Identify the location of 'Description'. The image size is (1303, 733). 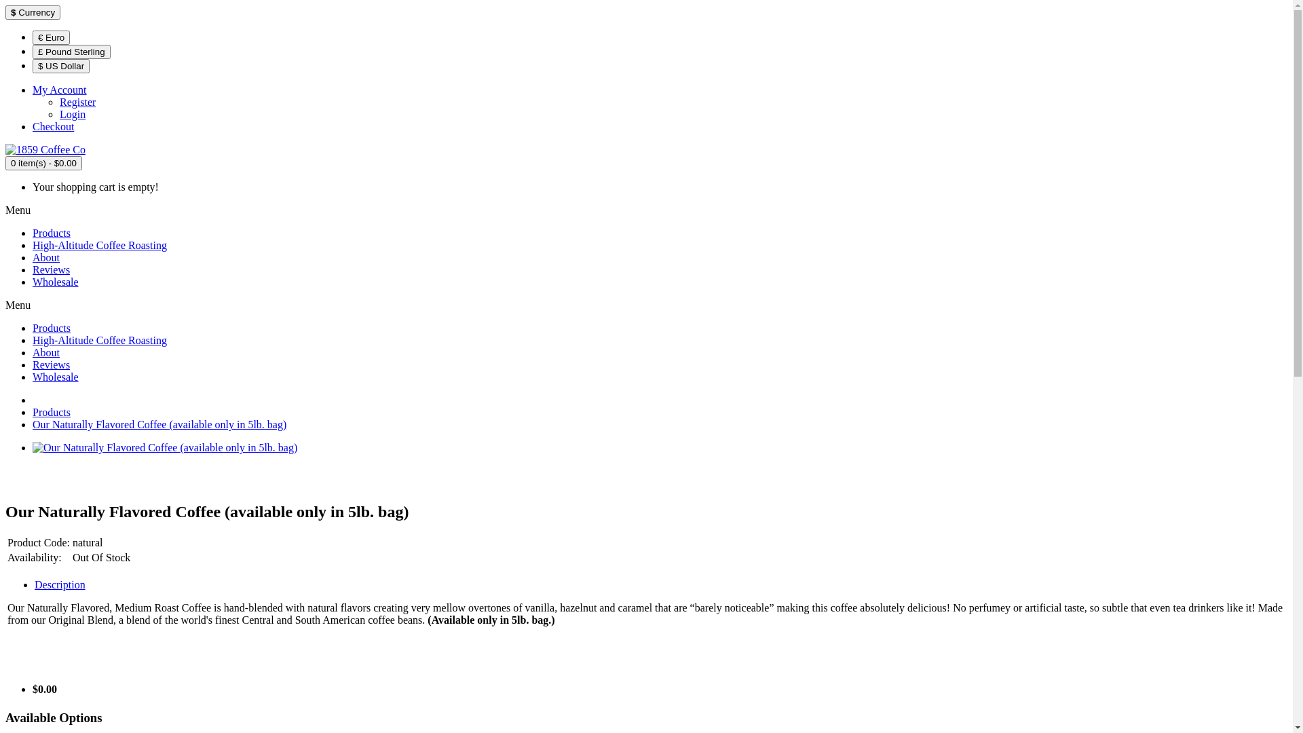
(59, 584).